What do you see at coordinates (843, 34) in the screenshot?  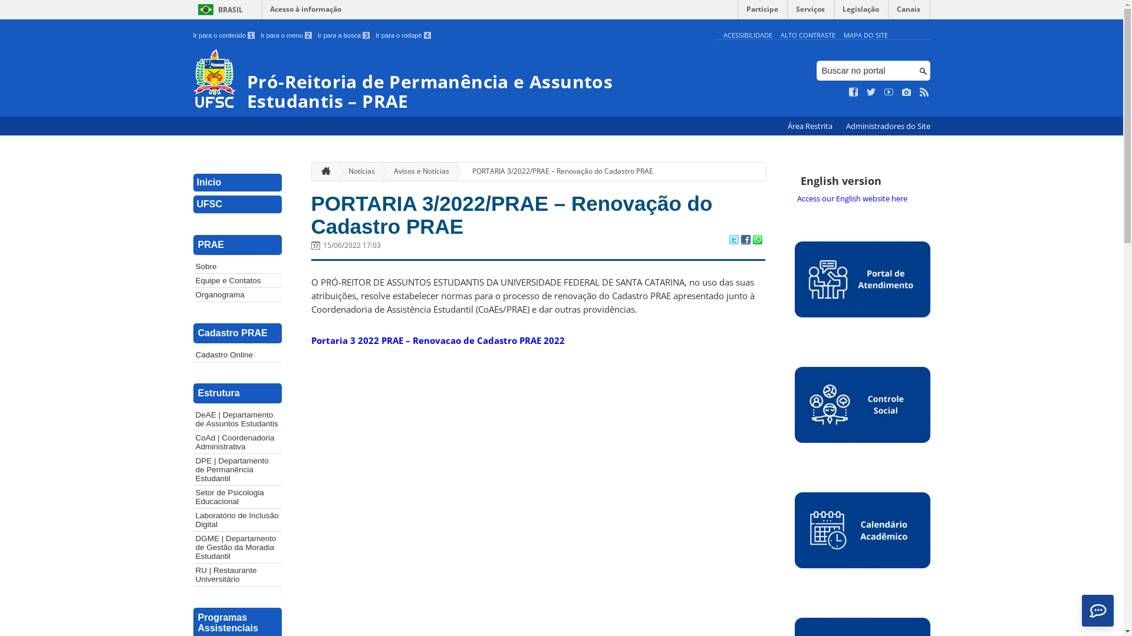 I see `'MAPA DO SITE'` at bounding box center [843, 34].